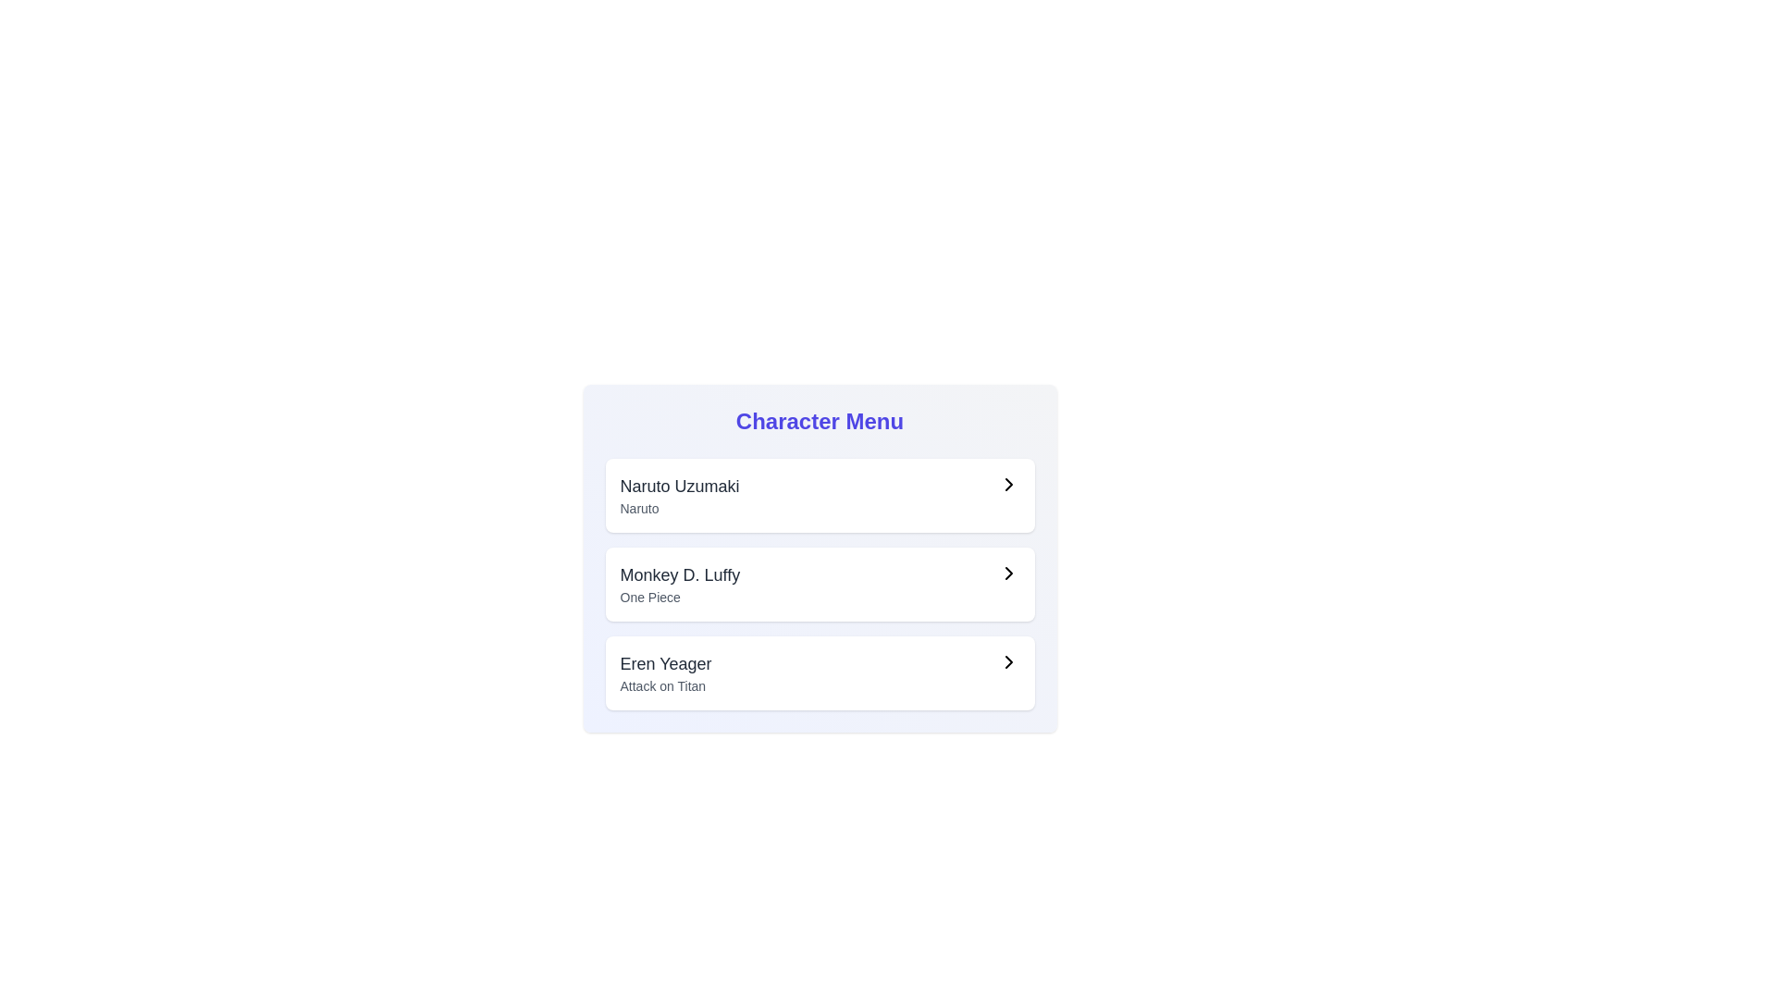 The height and width of the screenshot is (999, 1776). Describe the element at coordinates (666, 685) in the screenshot. I see `the text label that provides information about 'Eren Yeager', positioned directly below the main title` at that location.